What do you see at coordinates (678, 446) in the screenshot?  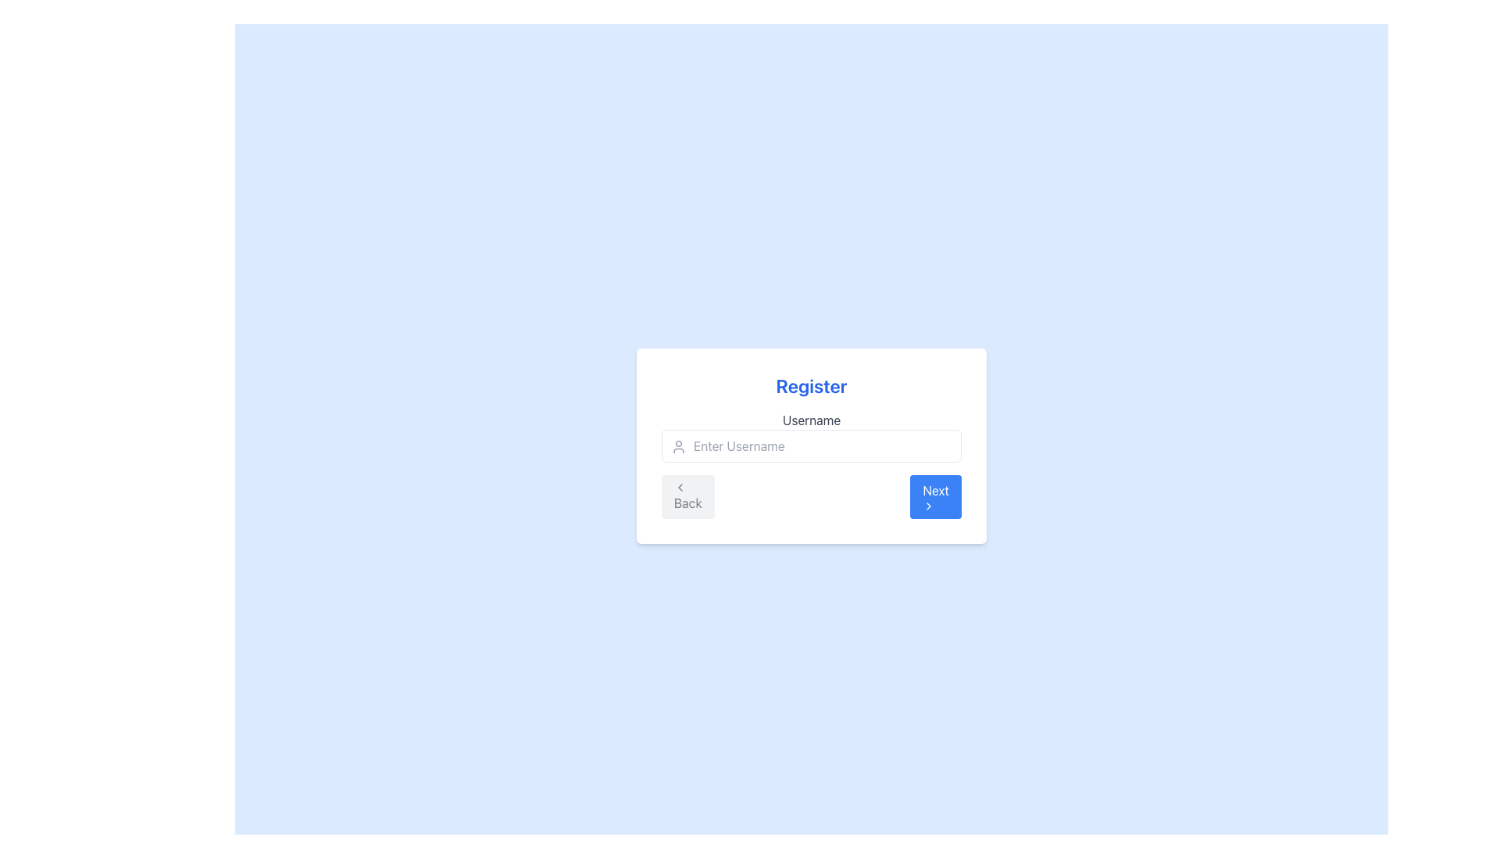 I see `the decorative icon located to the left inside the username input field labeled 'Enter Username' in the registration form` at bounding box center [678, 446].